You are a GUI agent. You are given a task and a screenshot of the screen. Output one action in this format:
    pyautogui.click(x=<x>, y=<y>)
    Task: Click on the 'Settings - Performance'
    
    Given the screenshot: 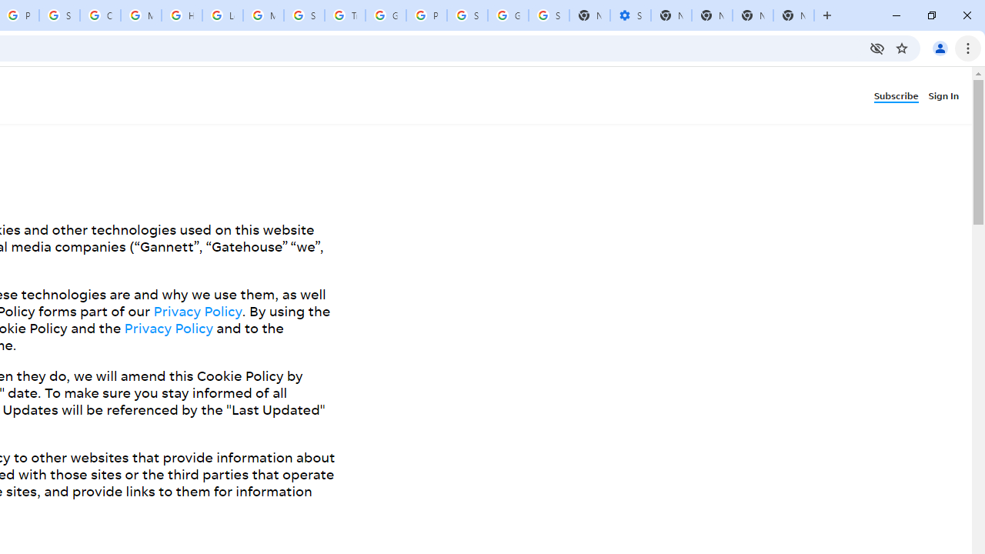 What is the action you would take?
    pyautogui.click(x=630, y=15)
    